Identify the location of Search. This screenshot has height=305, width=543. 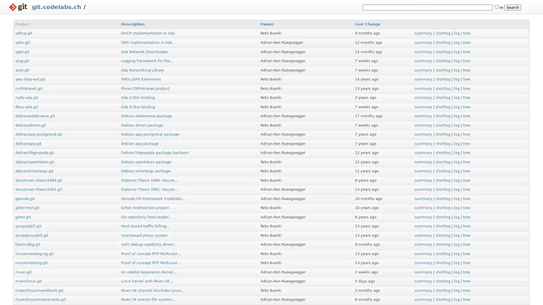
(513, 7).